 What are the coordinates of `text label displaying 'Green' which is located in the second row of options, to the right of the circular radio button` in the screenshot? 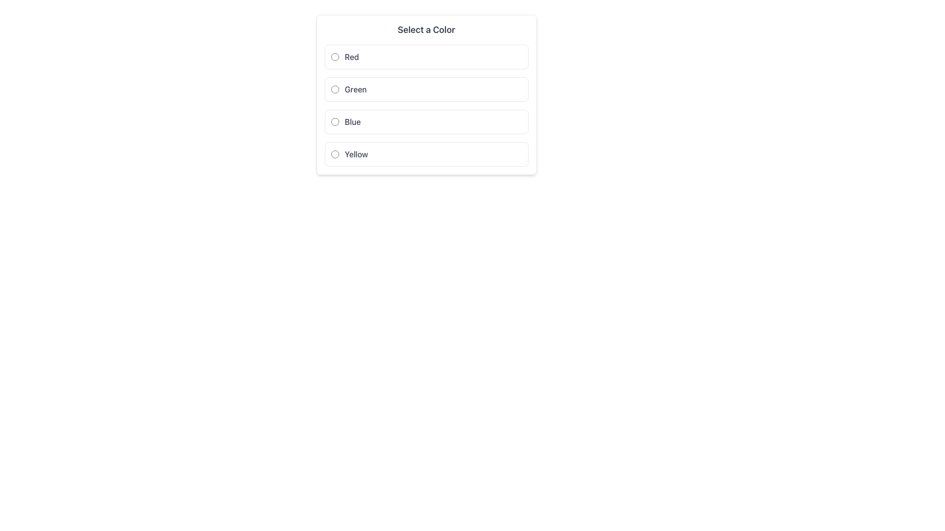 It's located at (355, 89).